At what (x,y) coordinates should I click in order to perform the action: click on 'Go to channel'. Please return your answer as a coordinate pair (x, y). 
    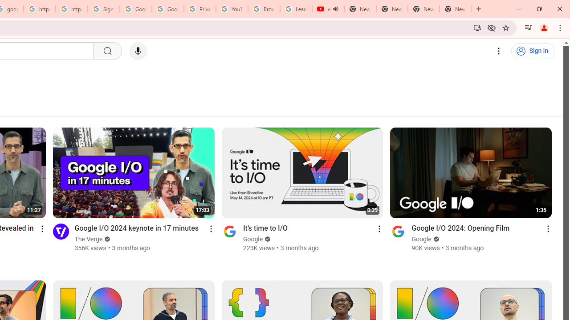
    Looking at the image, I should click on (398, 231).